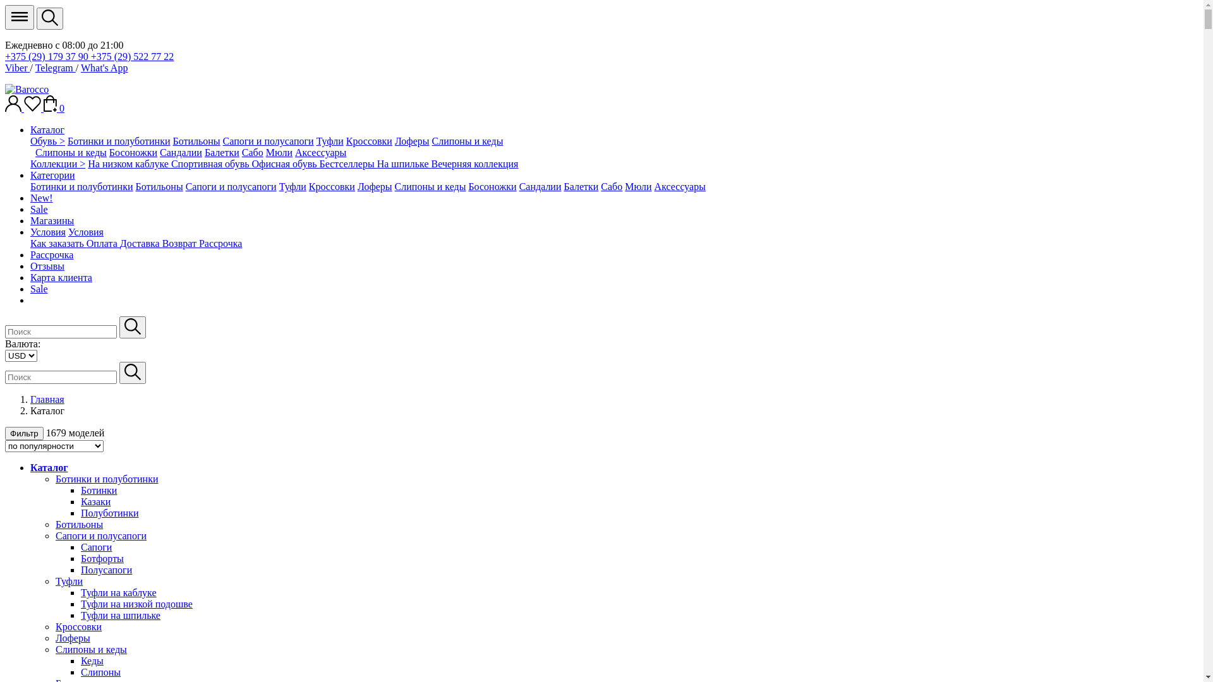  What do you see at coordinates (54, 68) in the screenshot?
I see `'Telegram'` at bounding box center [54, 68].